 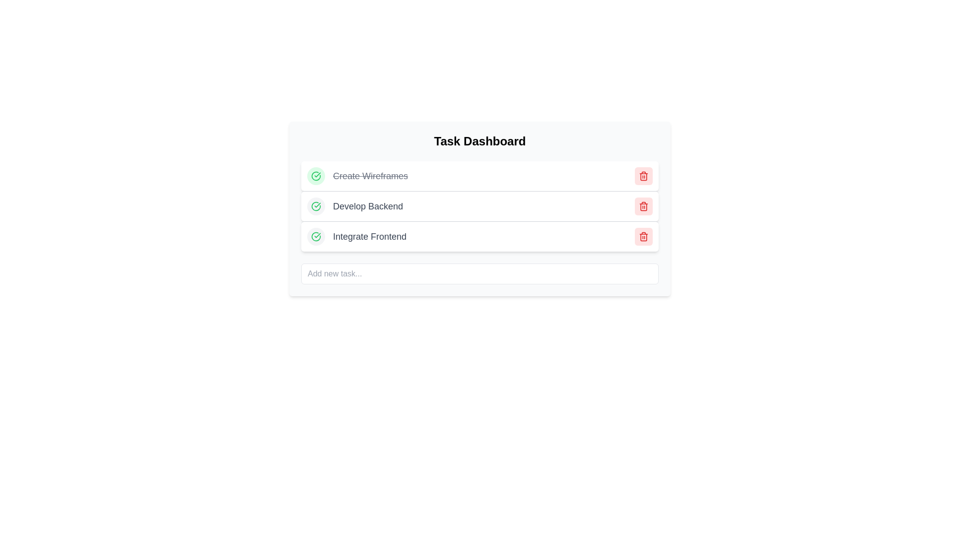 What do you see at coordinates (316, 237) in the screenshot?
I see `the green check mark icon button for the 'Integrate Frontend' task` at bounding box center [316, 237].